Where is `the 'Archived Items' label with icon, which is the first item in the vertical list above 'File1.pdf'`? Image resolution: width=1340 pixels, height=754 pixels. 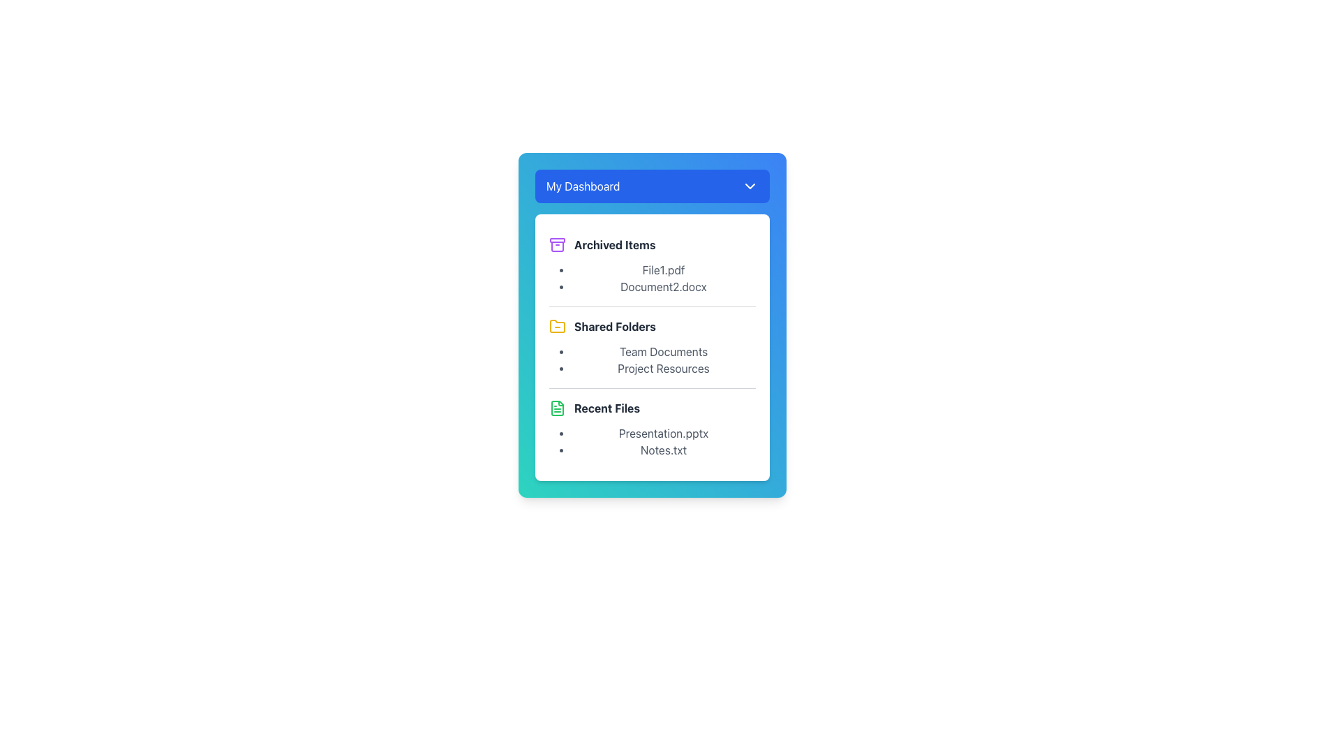 the 'Archived Items' label with icon, which is the first item in the vertical list above 'File1.pdf' is located at coordinates (652, 244).